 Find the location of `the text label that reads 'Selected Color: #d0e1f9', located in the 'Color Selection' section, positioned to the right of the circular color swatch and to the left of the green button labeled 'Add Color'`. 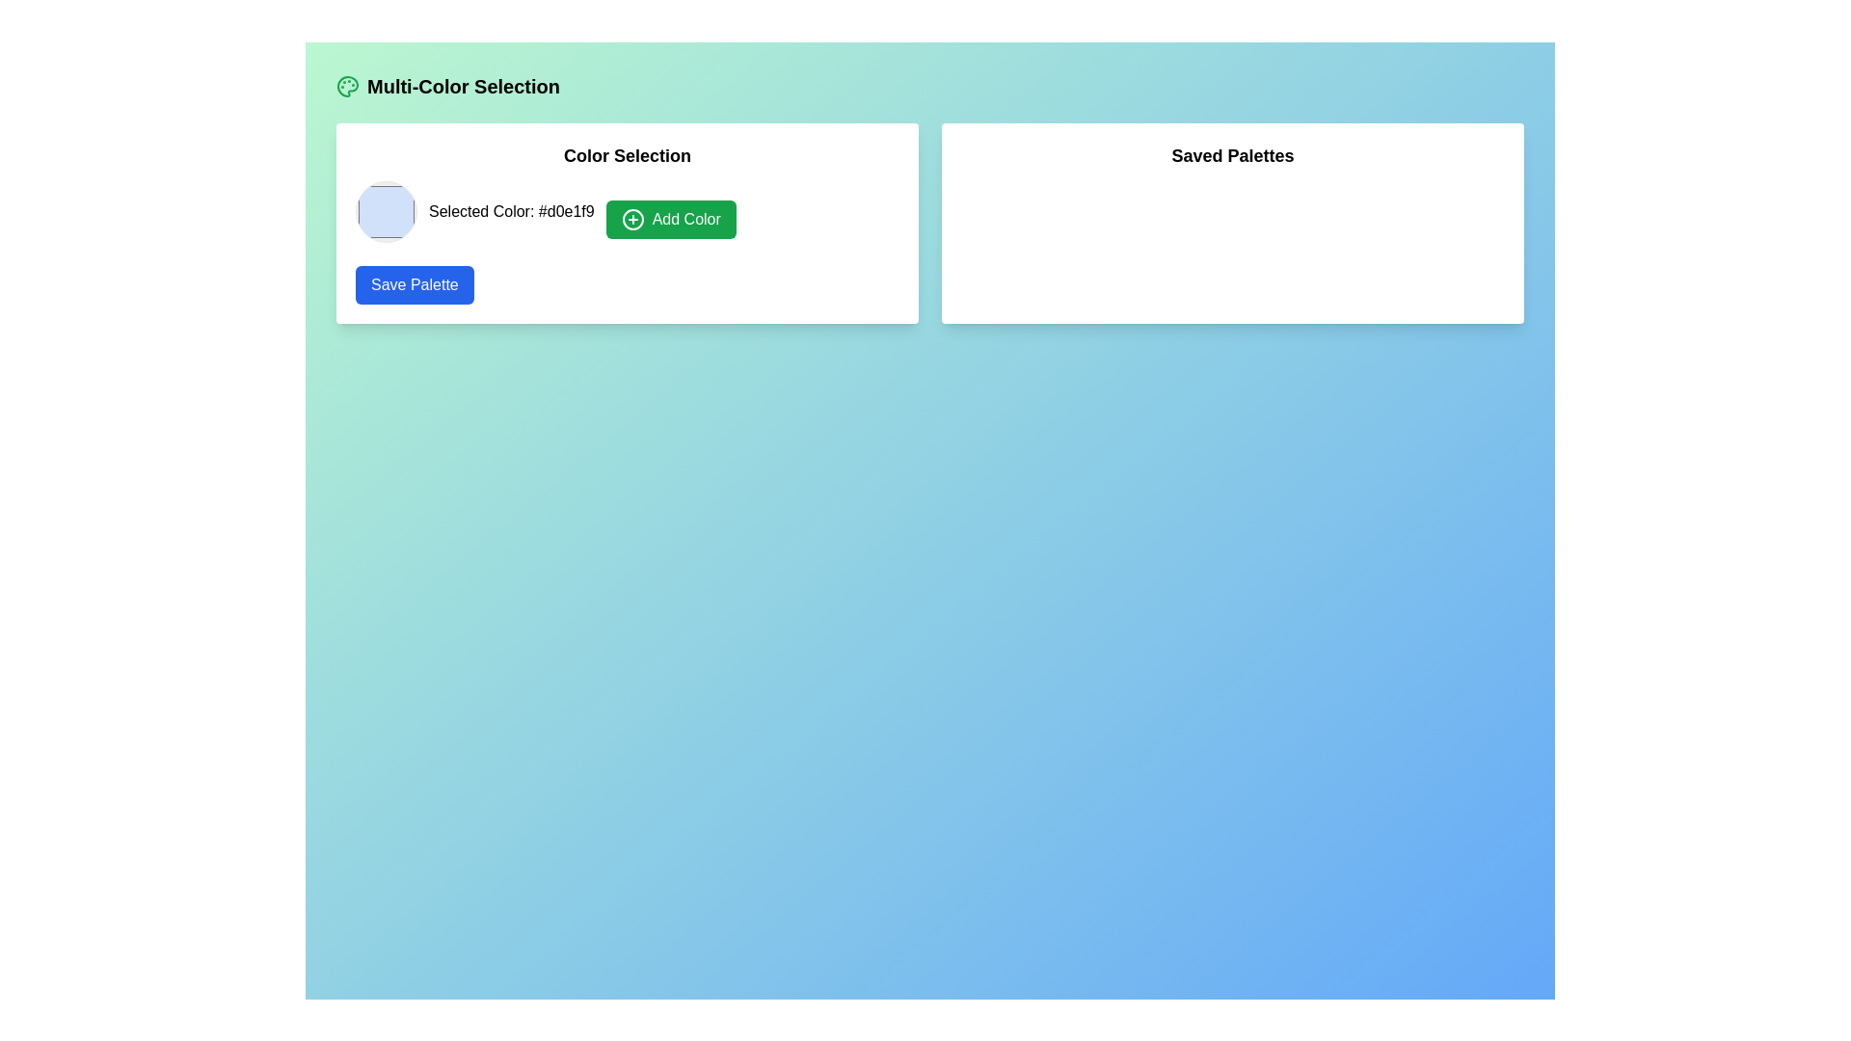

the text label that reads 'Selected Color: #d0e1f9', located in the 'Color Selection' section, positioned to the right of the circular color swatch and to the left of the green button labeled 'Add Color' is located at coordinates (511, 211).